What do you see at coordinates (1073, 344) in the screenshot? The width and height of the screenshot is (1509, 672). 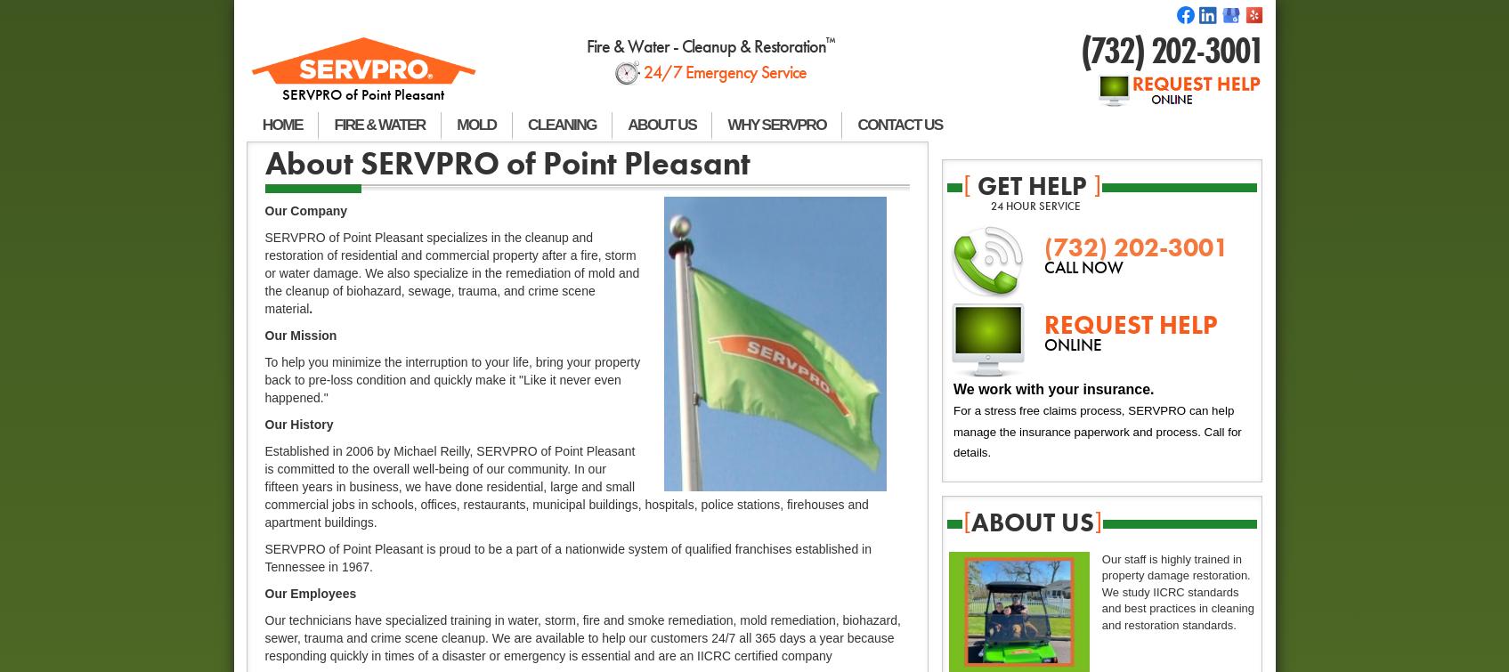 I see `'ONLINE'` at bounding box center [1073, 344].